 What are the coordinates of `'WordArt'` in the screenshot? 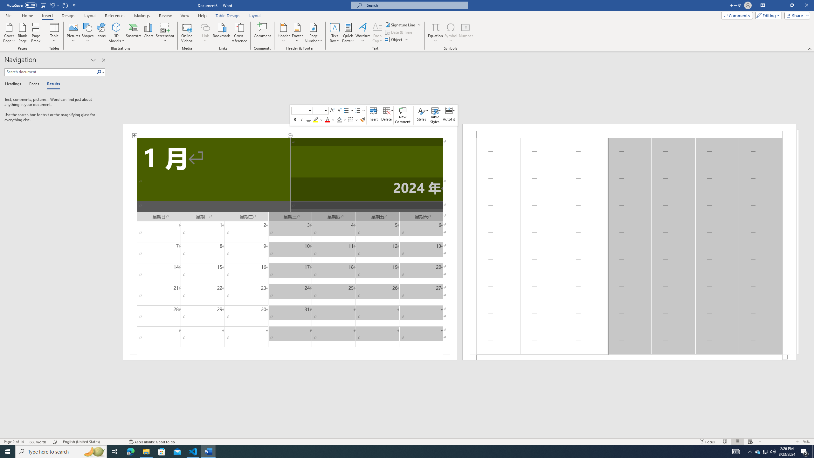 It's located at (362, 33).